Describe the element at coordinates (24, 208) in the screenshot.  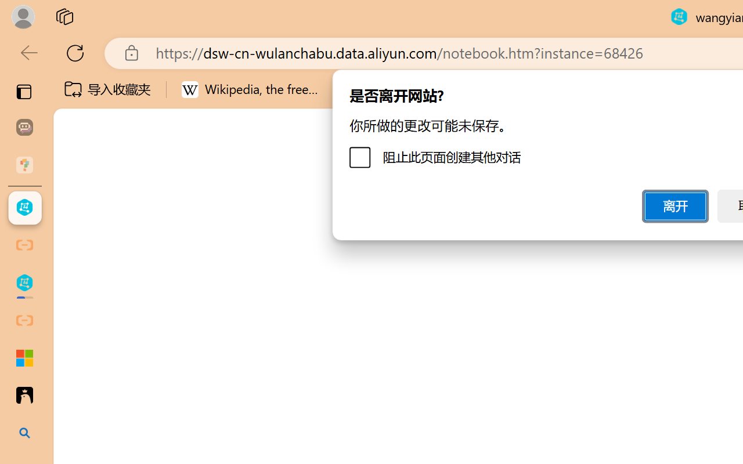
I see `'wangyian_dsw - DSW'` at that location.